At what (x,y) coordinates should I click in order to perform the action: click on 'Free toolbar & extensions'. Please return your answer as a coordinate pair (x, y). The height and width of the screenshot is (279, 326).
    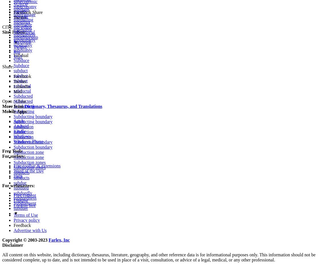
    Looking at the image, I should click on (37, 165).